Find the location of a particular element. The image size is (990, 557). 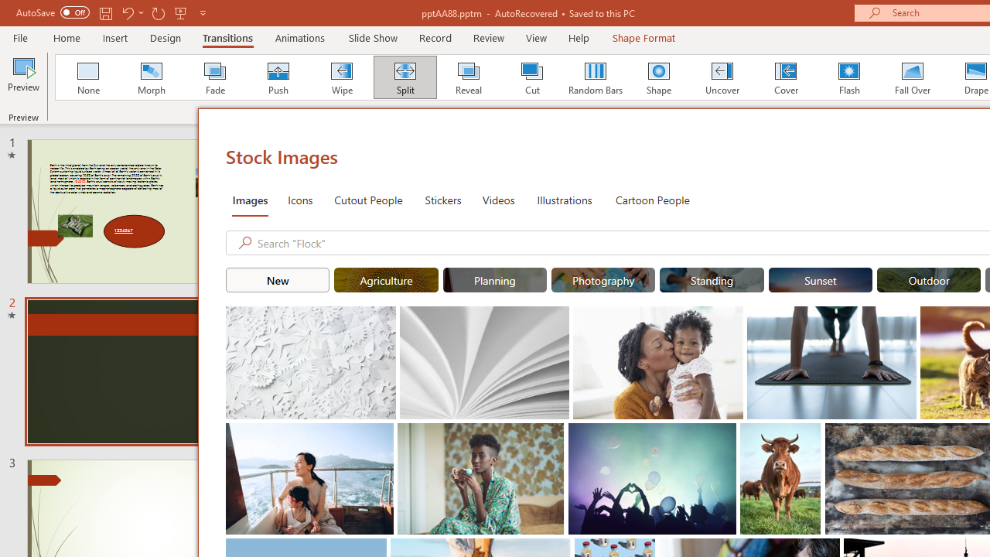

'System' is located at coordinates (8, 9).